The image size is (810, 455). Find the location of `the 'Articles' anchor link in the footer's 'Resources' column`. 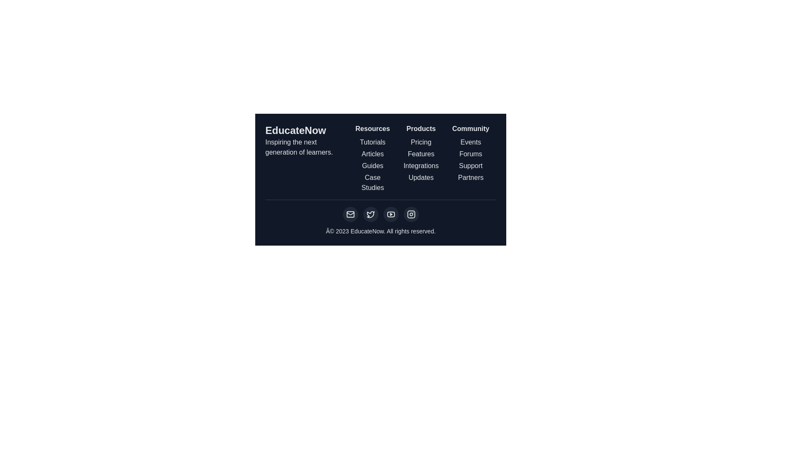

the 'Articles' anchor link in the footer's 'Resources' column is located at coordinates (372, 154).